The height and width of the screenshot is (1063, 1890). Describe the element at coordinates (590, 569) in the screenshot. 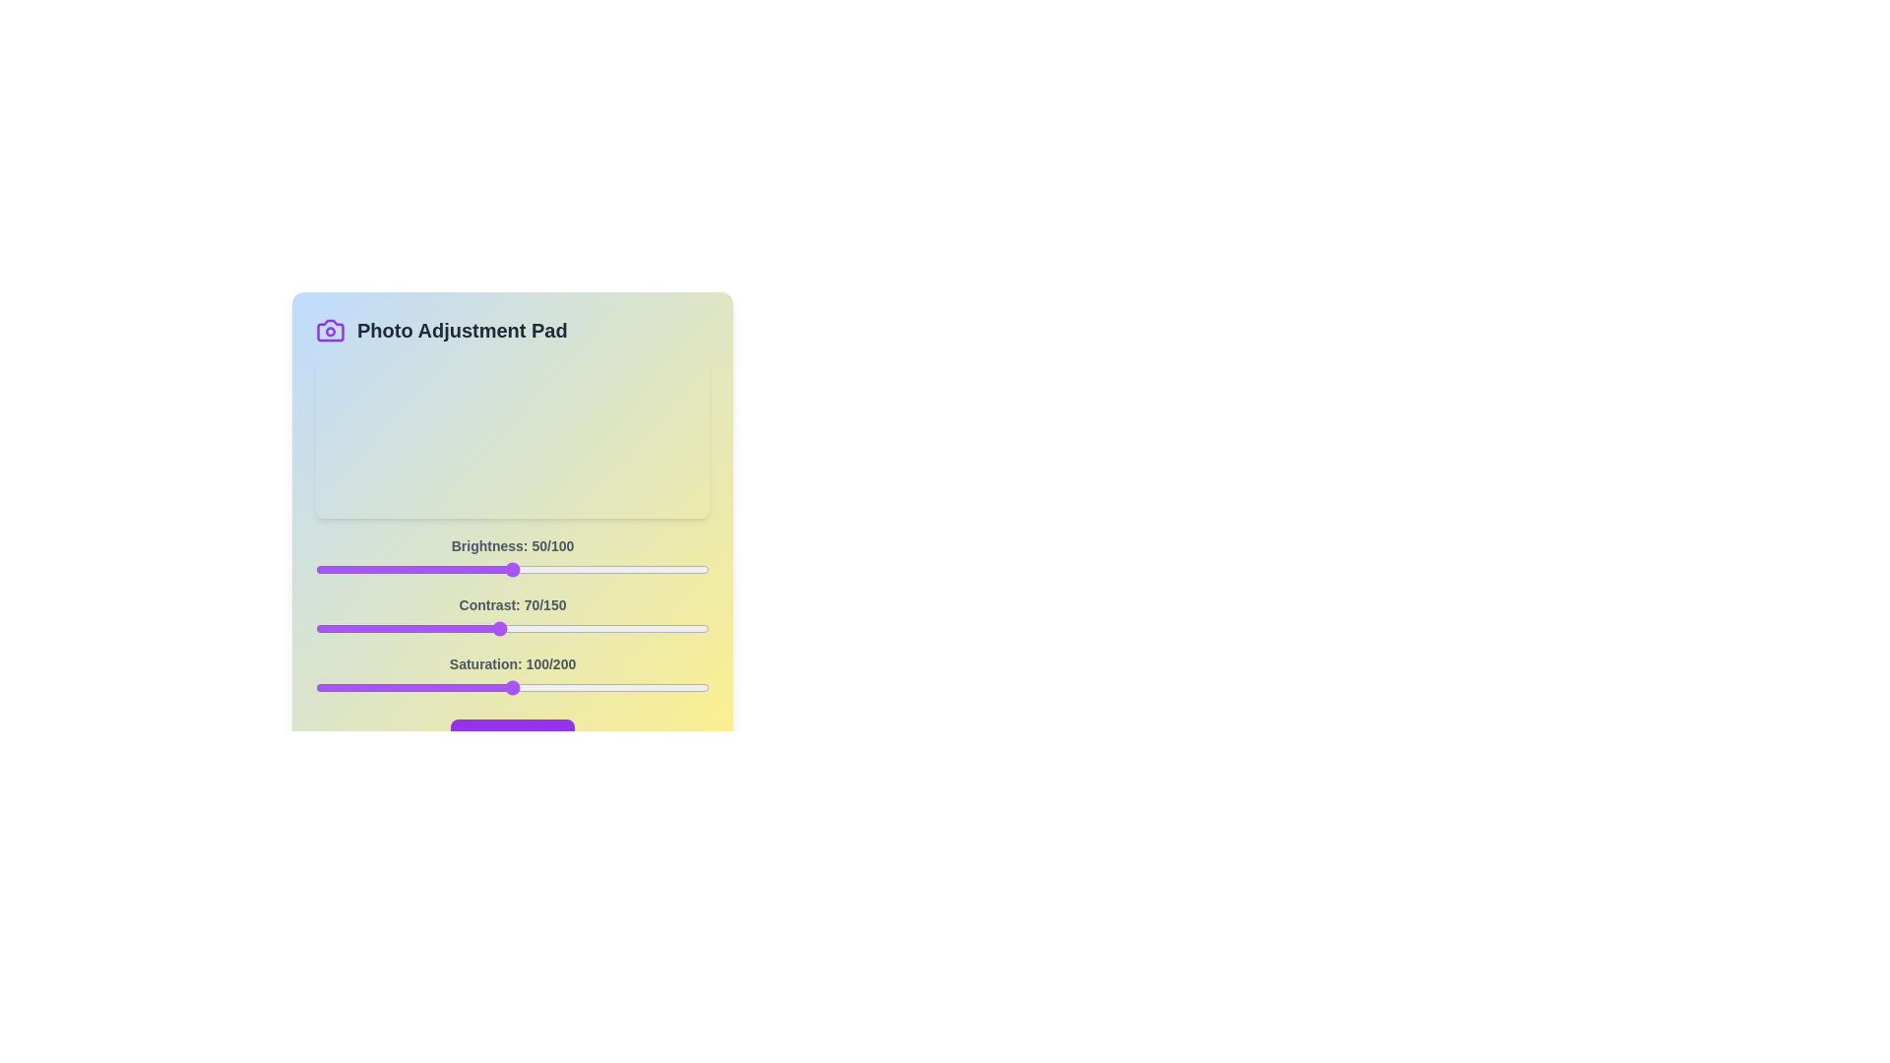

I see `the 0 slider to 70` at that location.